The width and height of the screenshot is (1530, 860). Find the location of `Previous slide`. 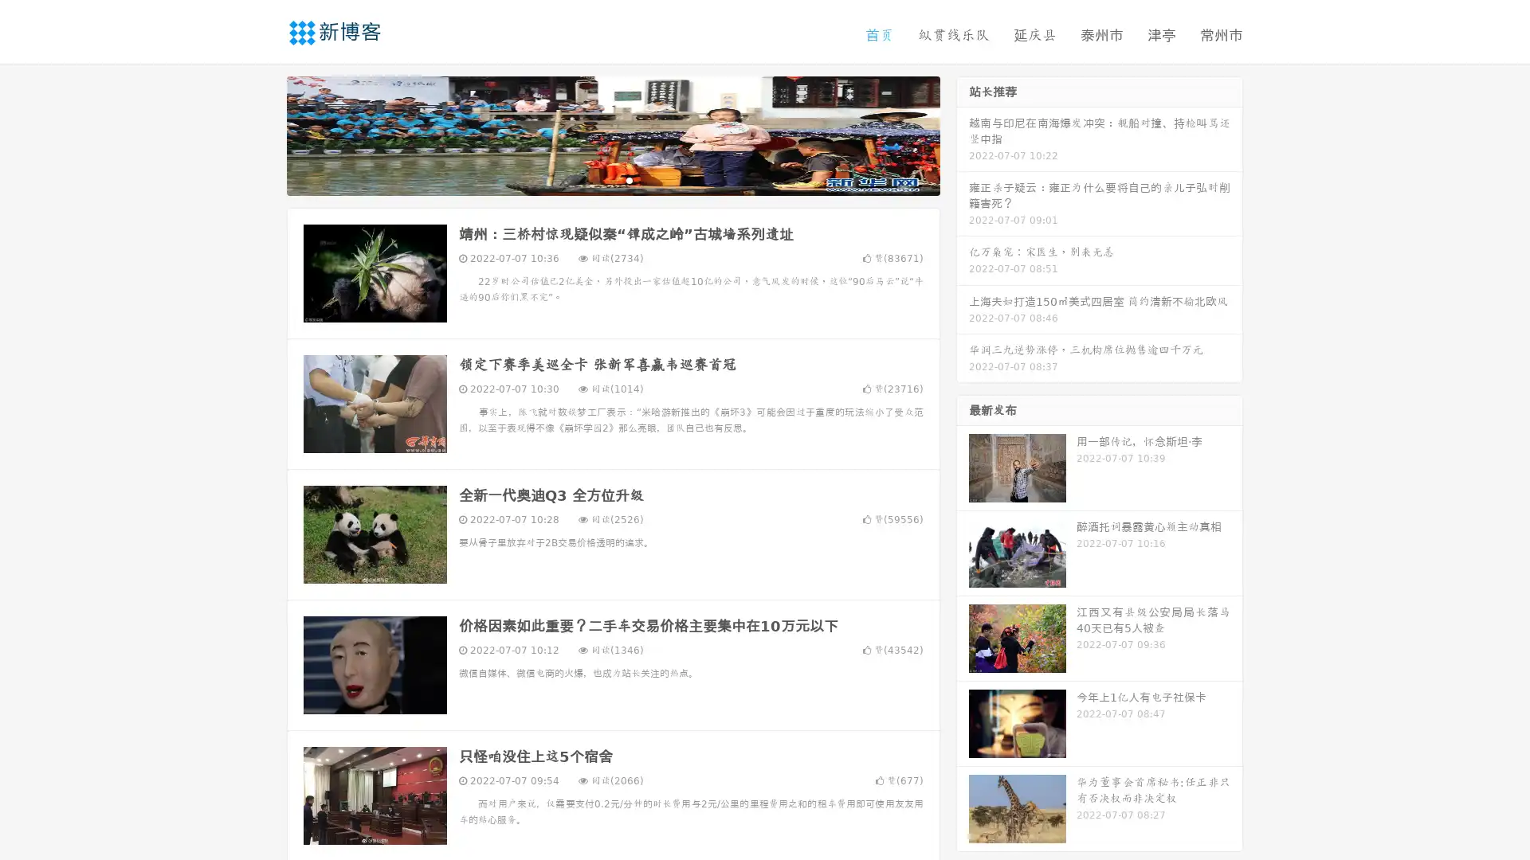

Previous slide is located at coordinates (263, 134).